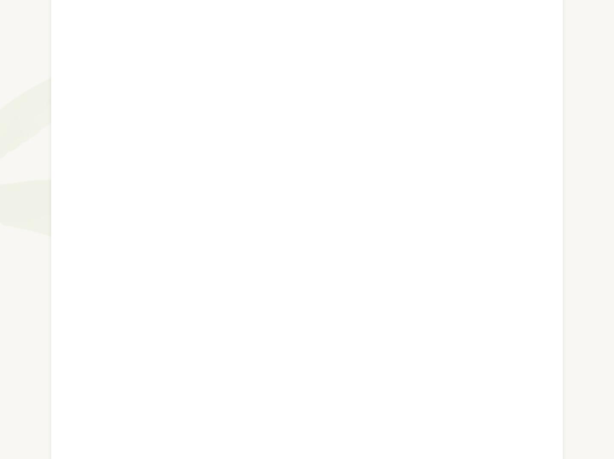  I want to click on 'Alison K', so click(96, 219).